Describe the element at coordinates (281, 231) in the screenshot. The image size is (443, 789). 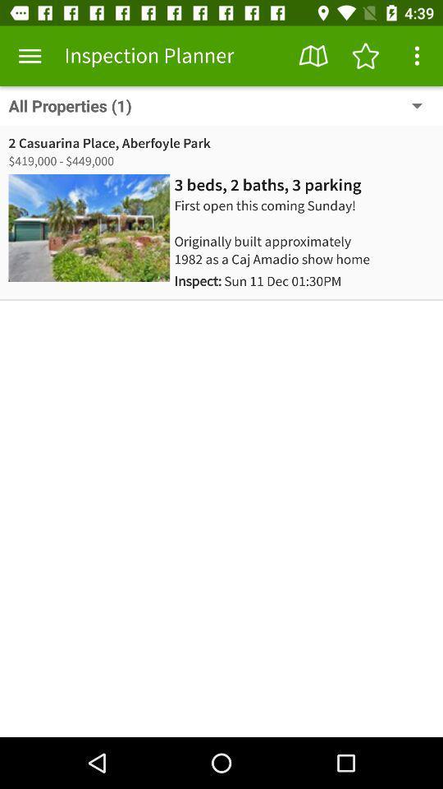
I see `first open this icon` at that location.